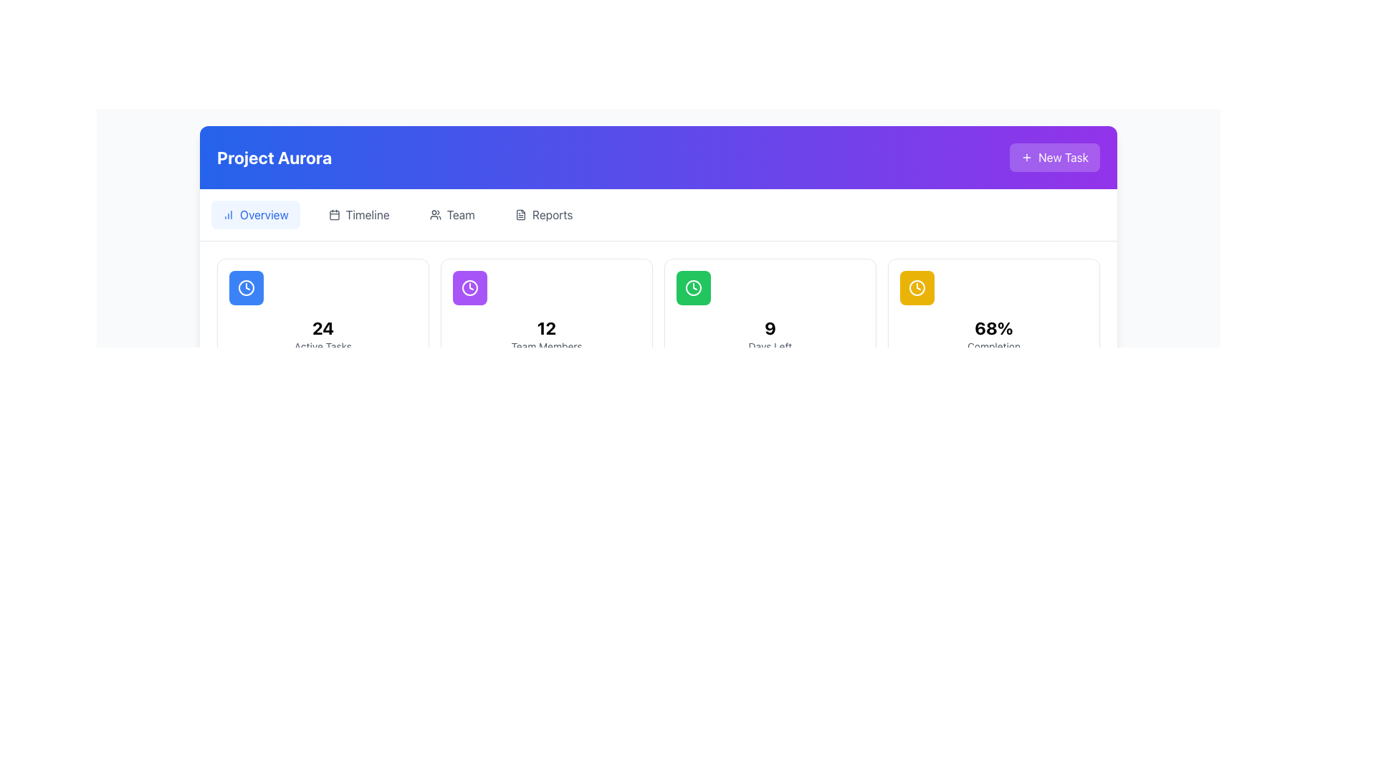 The image size is (1376, 774). I want to click on the 'Team' menu item, which is a text and icon combination styled with padding and a rounded shape in the top navigation menu, so click(451, 215).